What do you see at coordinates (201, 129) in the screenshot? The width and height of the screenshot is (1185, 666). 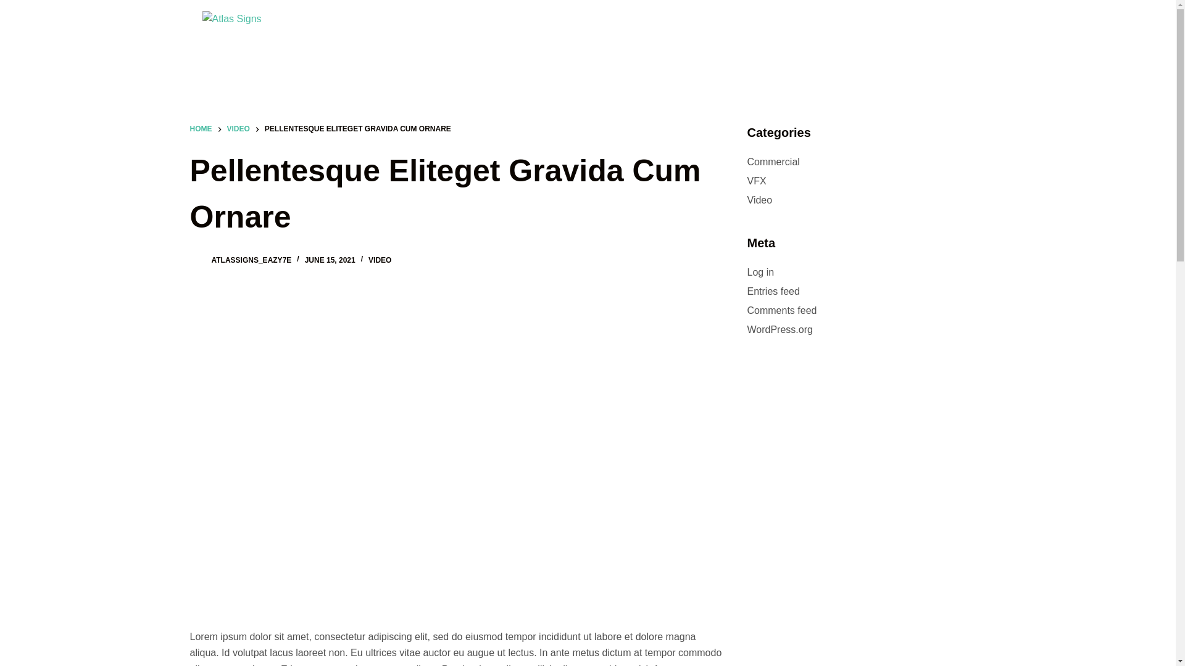 I see `'HOME'` at bounding box center [201, 129].